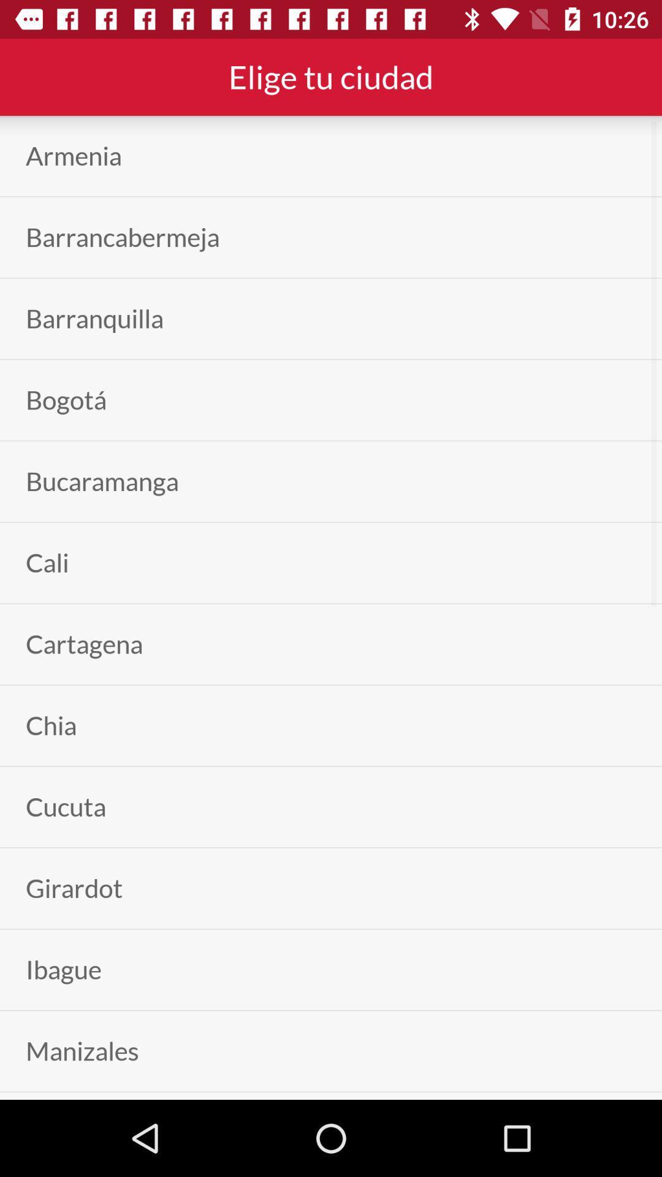 The width and height of the screenshot is (662, 1177). Describe the element at coordinates (74, 888) in the screenshot. I see `the icon above ibague` at that location.